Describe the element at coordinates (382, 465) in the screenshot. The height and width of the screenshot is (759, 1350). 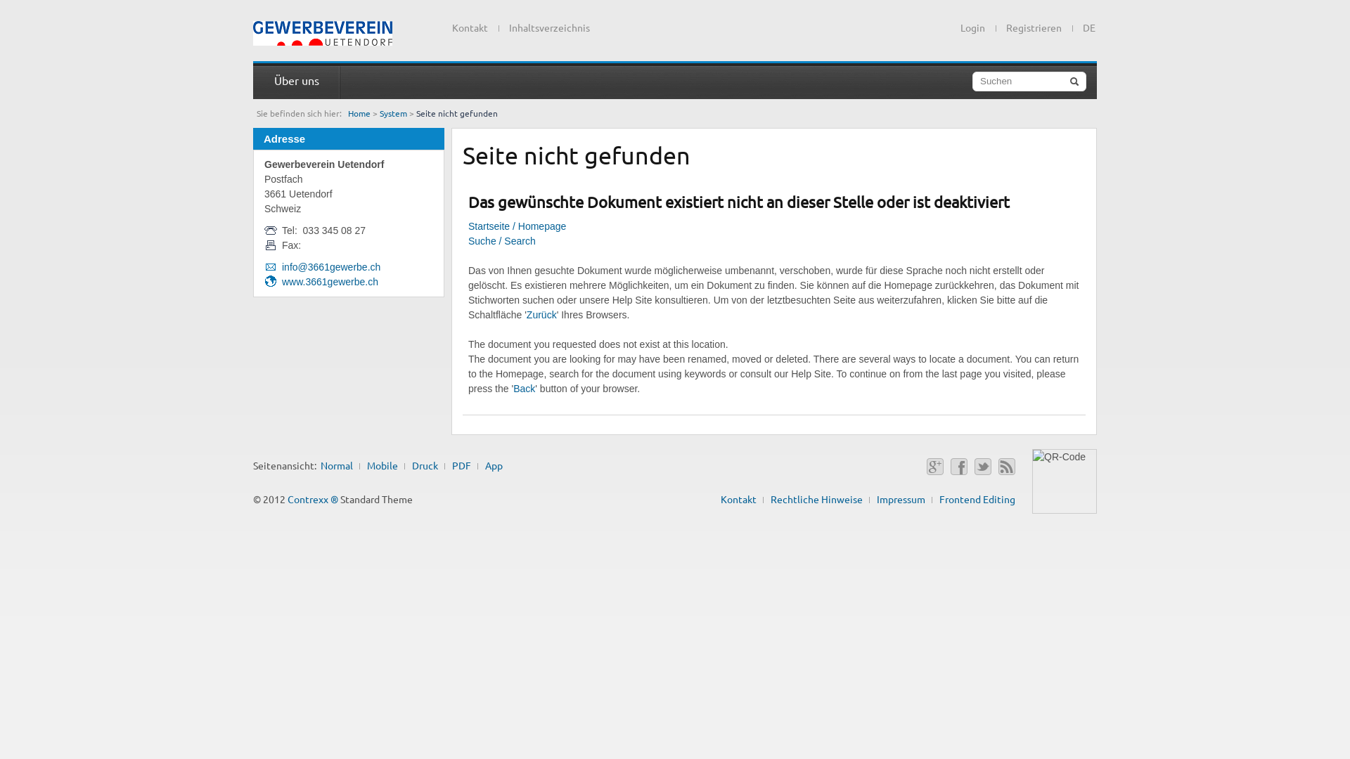
I see `'Mobile'` at that location.